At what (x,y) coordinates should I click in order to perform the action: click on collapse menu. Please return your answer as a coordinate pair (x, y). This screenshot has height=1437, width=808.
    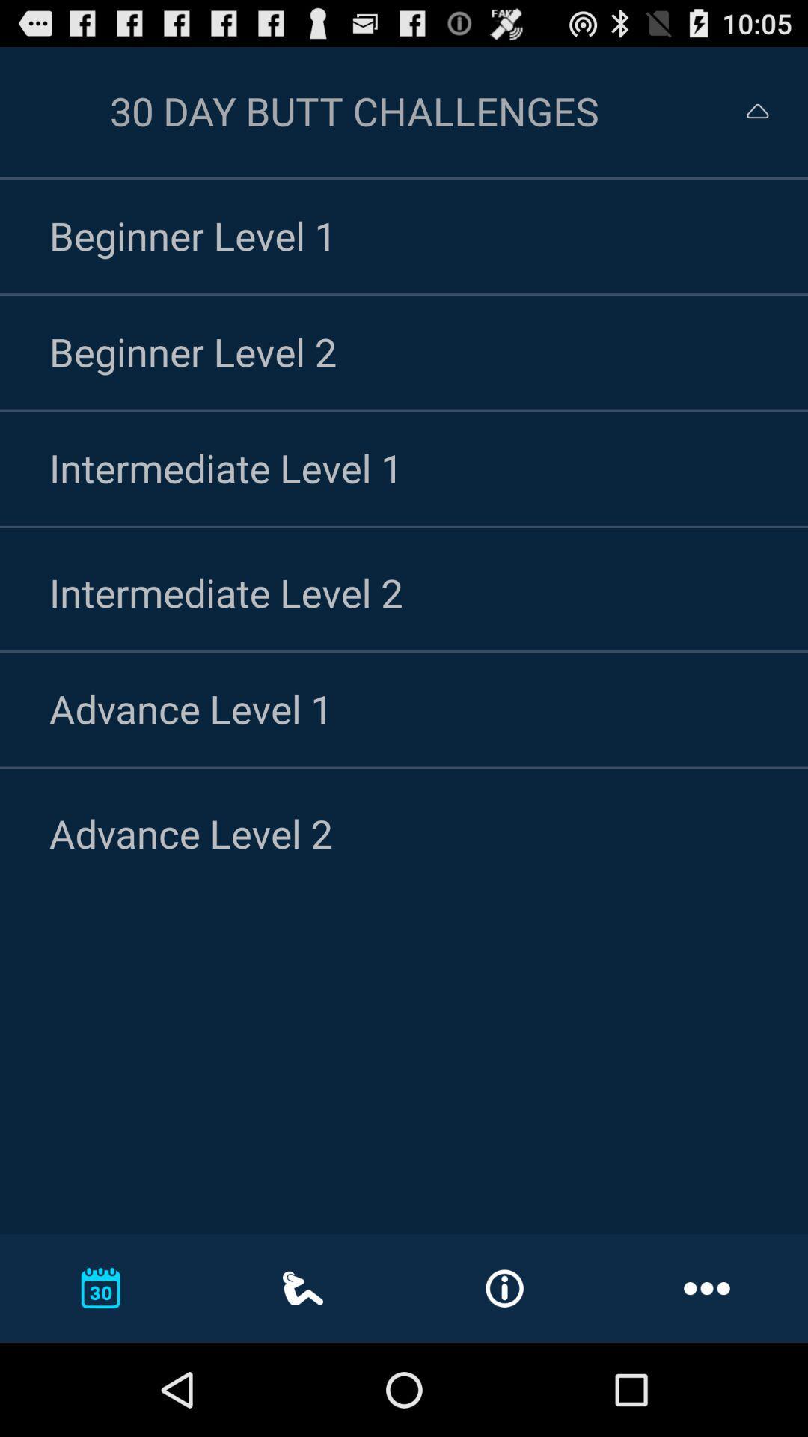
    Looking at the image, I should click on (744, 110).